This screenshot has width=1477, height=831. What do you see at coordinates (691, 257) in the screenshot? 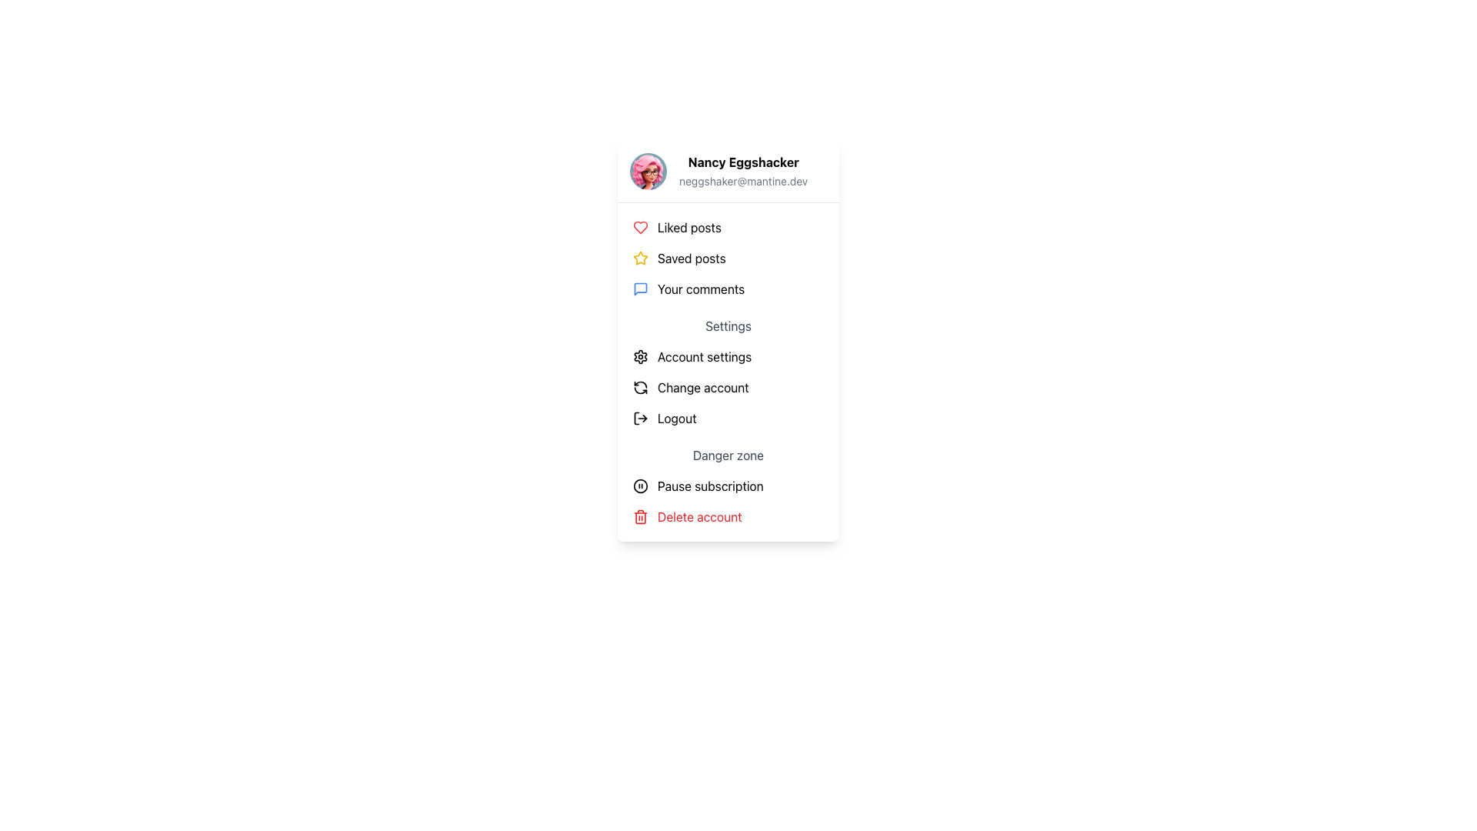
I see `the Menu item labeled as the second entry in the right-side menu, which is positioned beneath 'Liked posts' and above 'Your comments'` at bounding box center [691, 257].